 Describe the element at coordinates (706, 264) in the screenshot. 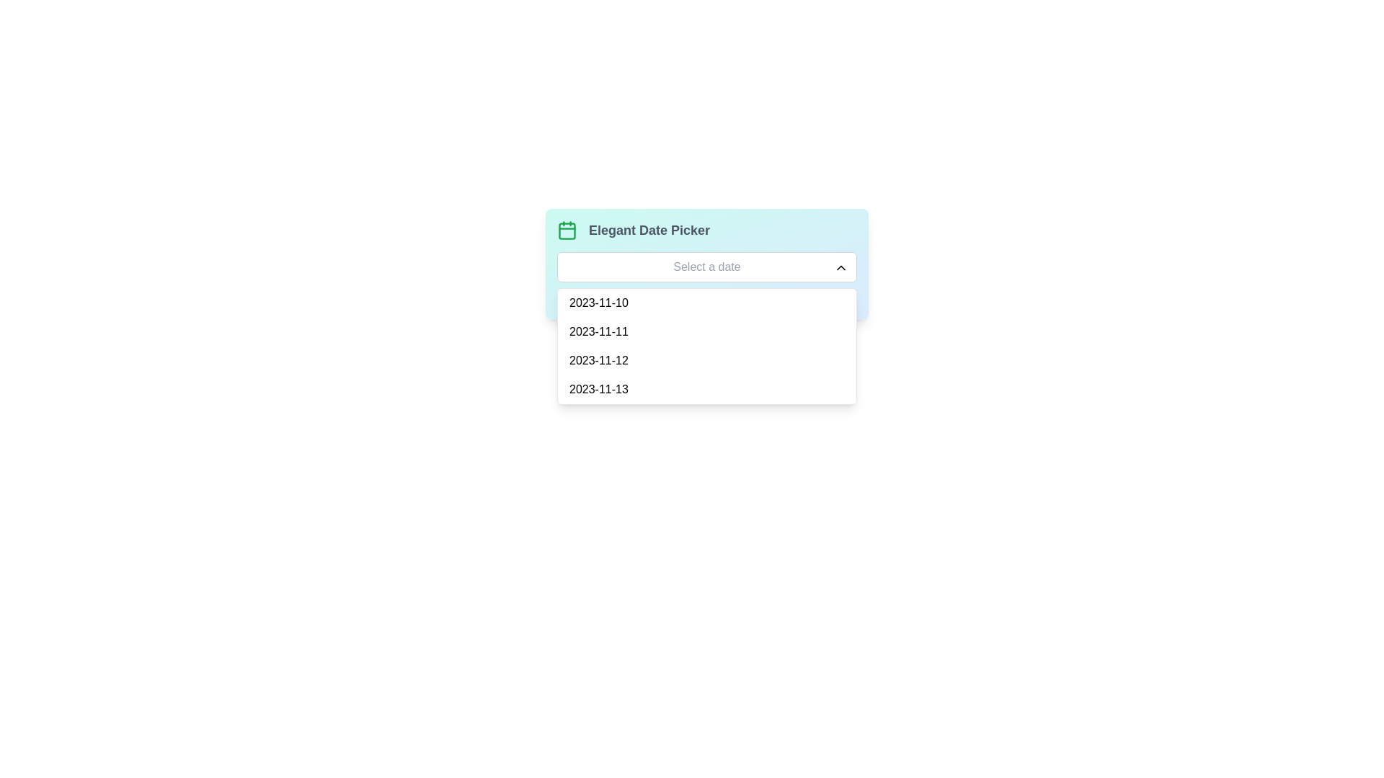

I see `a date from the dropdown in the 'Elegant Date Picker' component by clicking on it` at that location.